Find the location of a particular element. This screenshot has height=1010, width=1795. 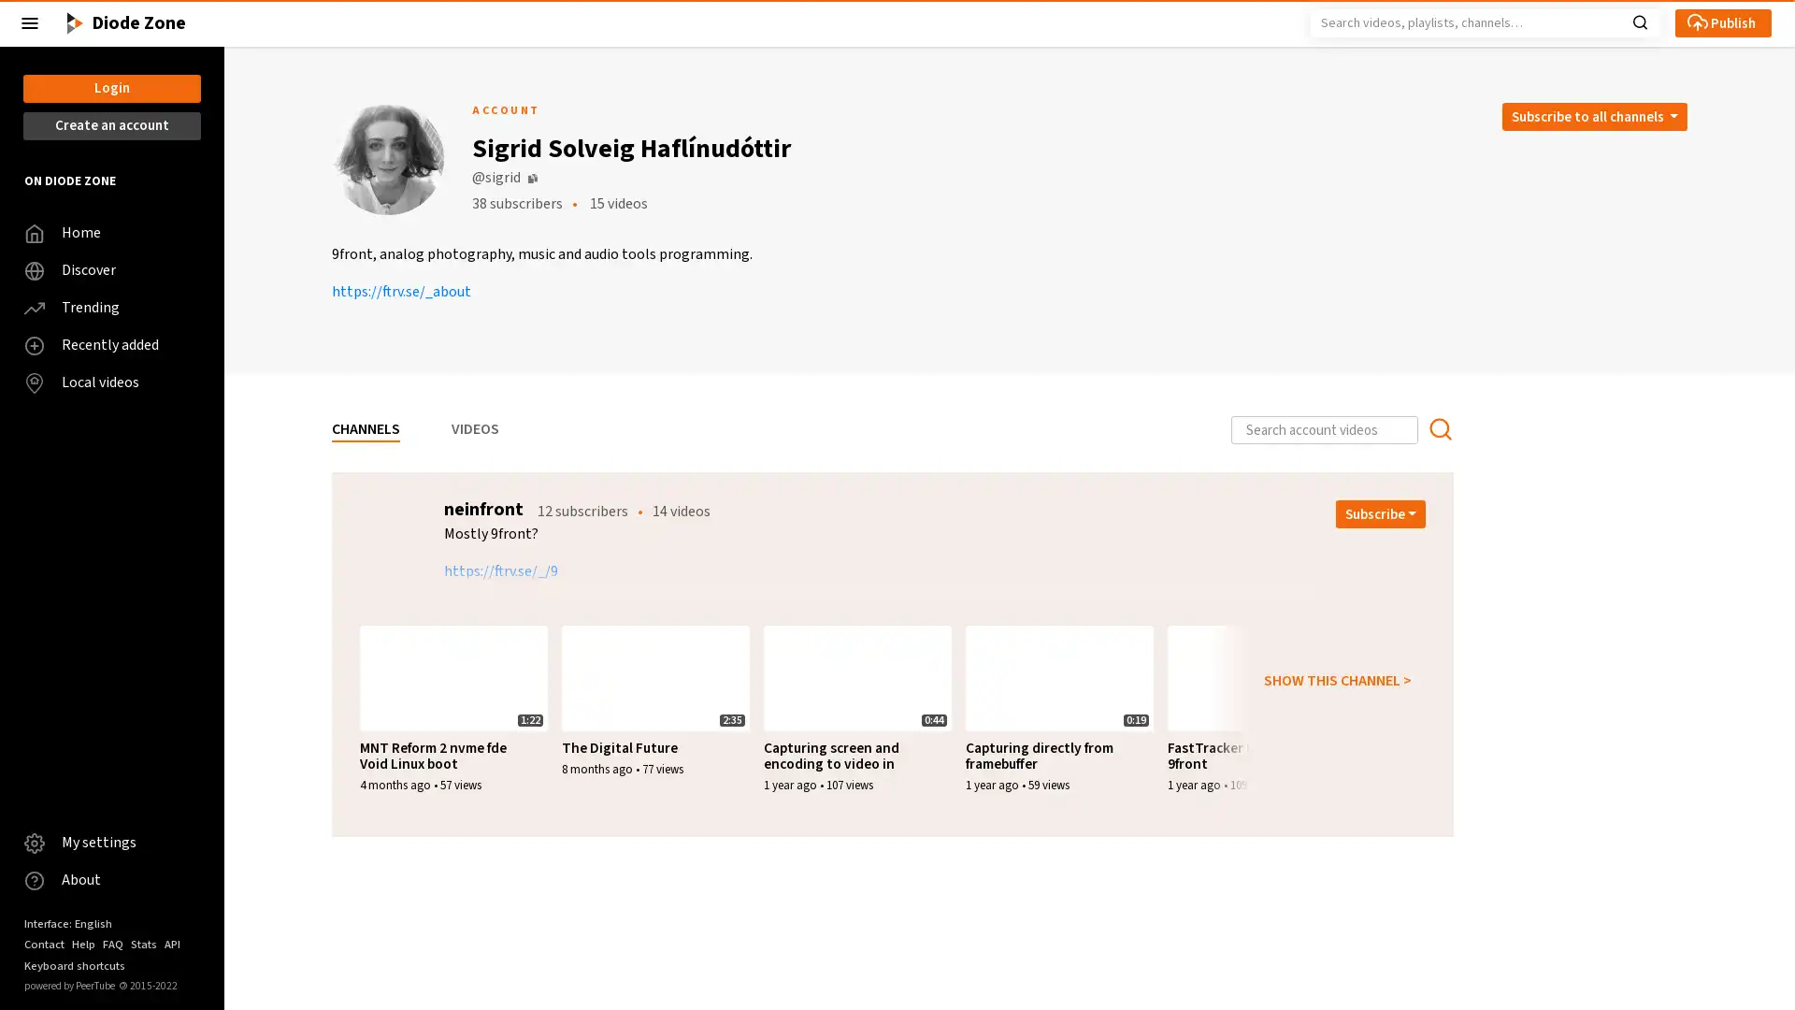

Search is located at coordinates (1639, 21).